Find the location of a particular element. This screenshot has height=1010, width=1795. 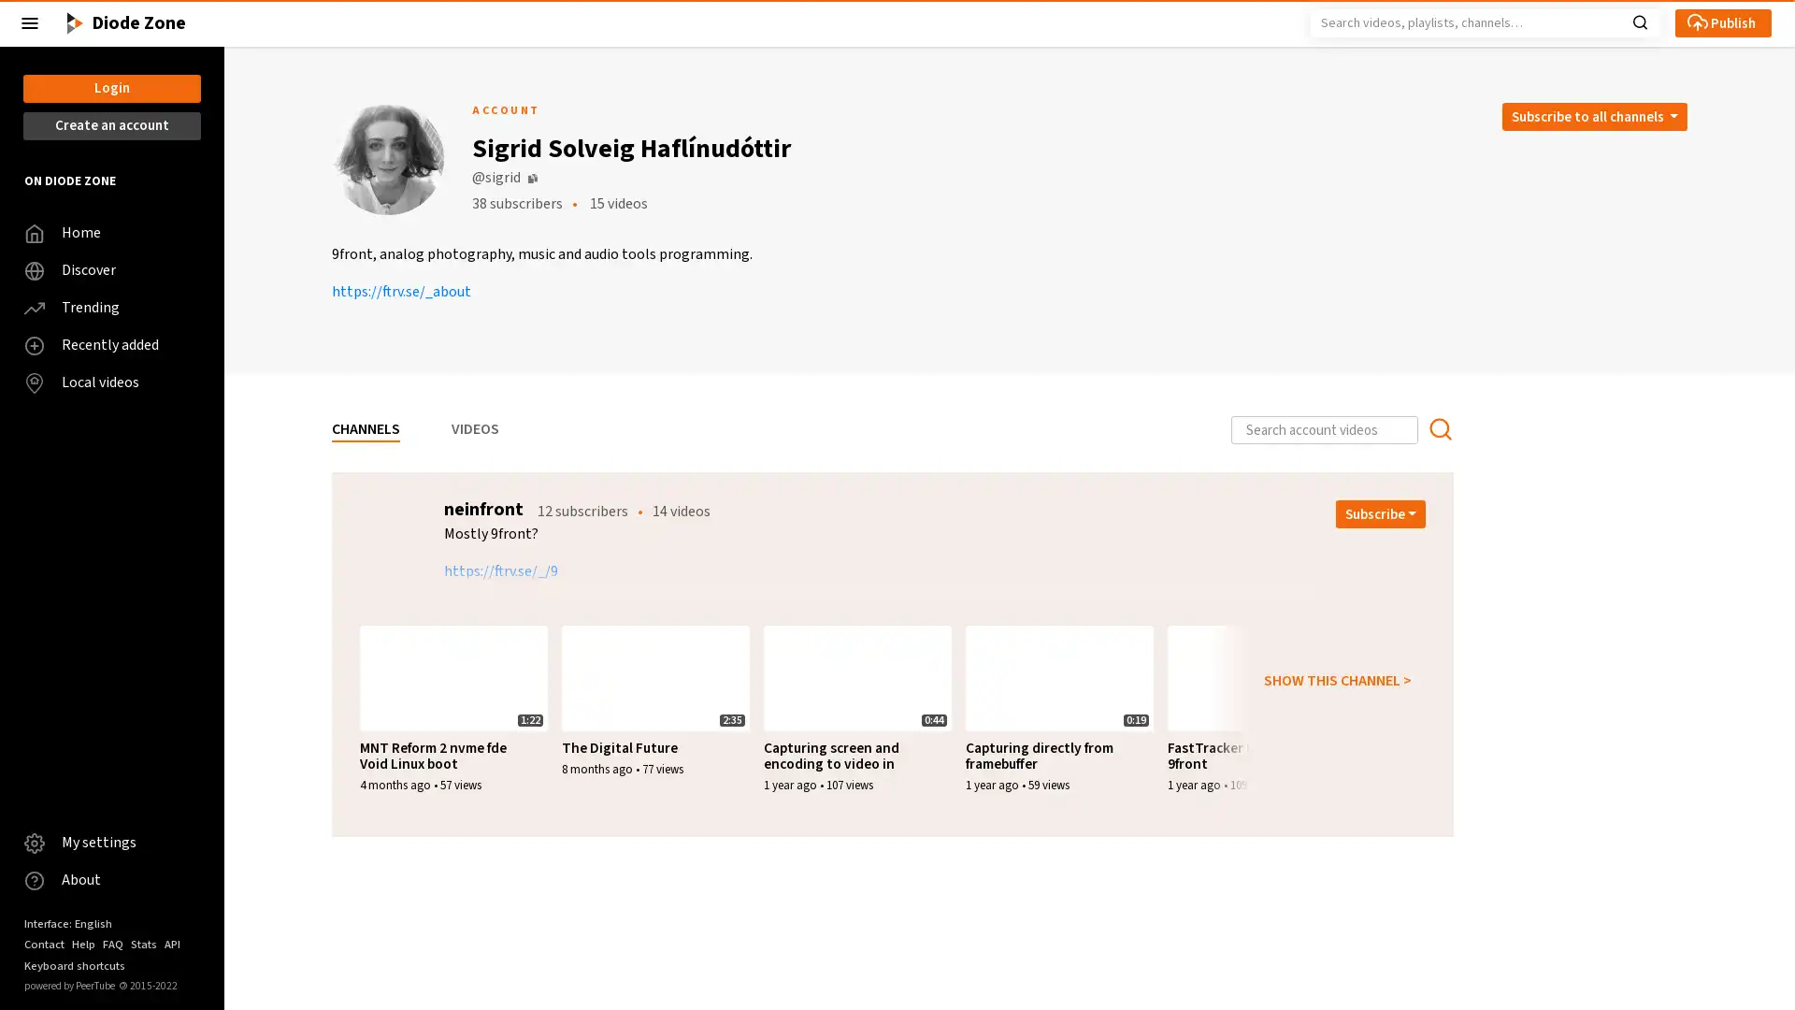

Search is located at coordinates (1639, 21).